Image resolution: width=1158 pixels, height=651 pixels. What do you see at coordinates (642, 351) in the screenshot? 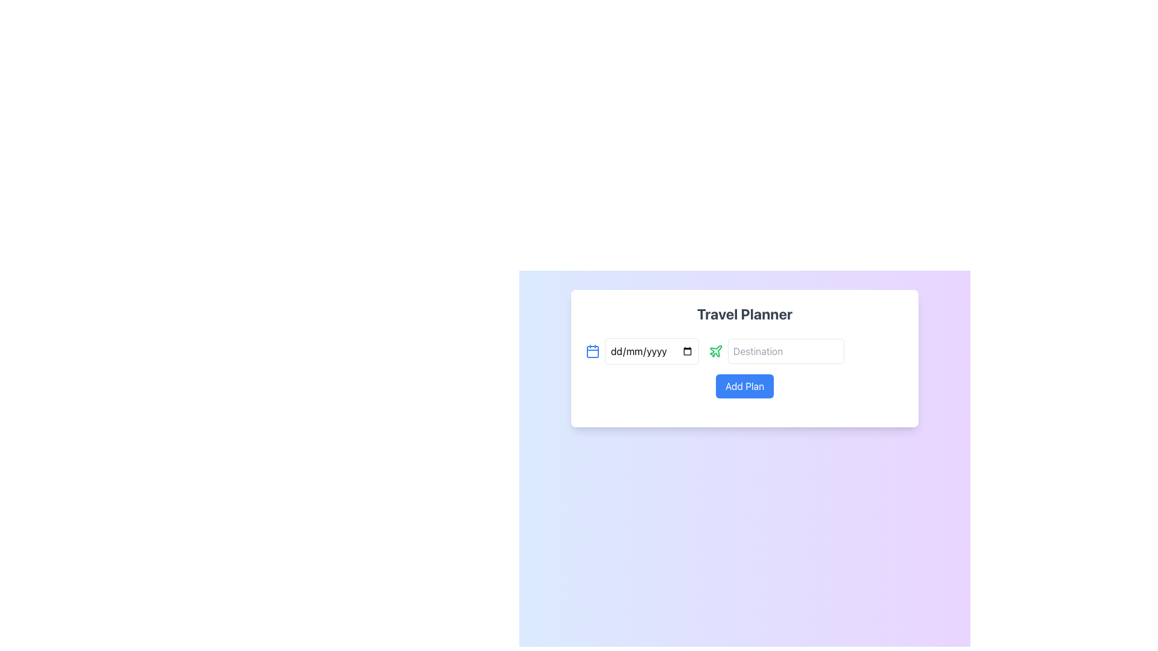
I see `the date picker input field, which is the leftmost component of a horizontal group` at bounding box center [642, 351].